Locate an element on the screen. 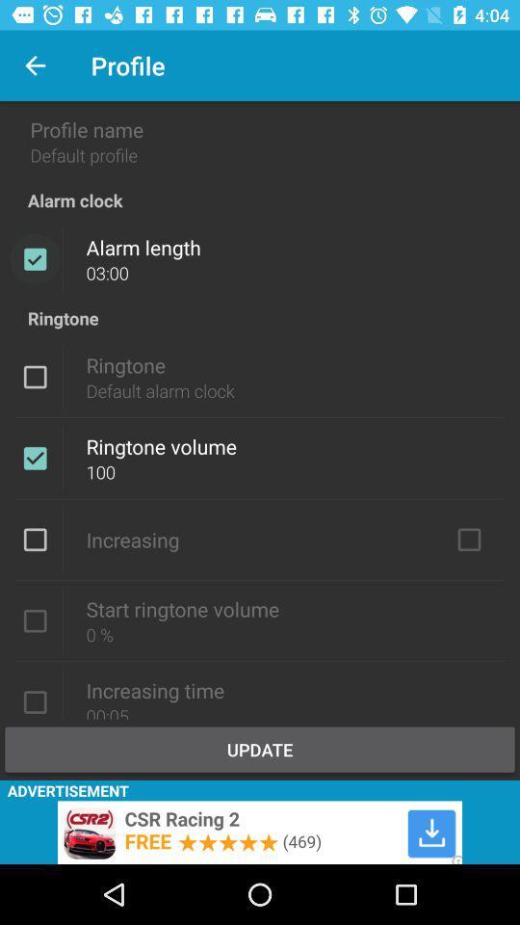 This screenshot has width=520, height=925. tick the increasing box is located at coordinates (468, 540).